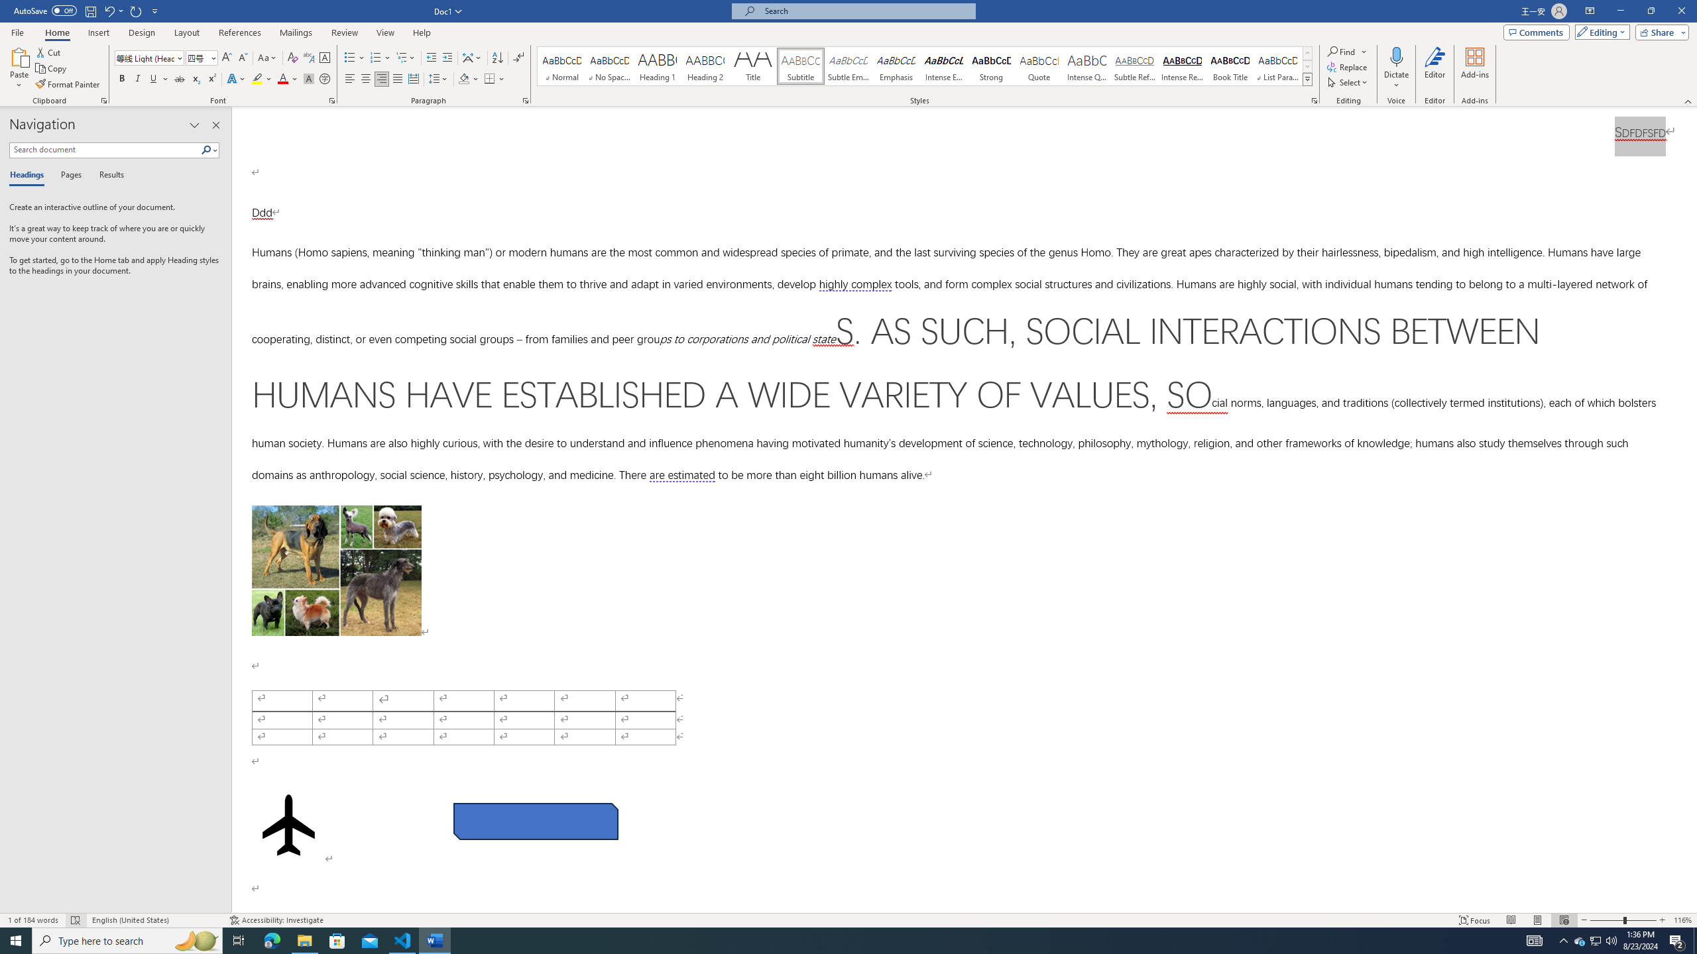  Describe the element at coordinates (1348, 81) in the screenshot. I see `'Select'` at that location.